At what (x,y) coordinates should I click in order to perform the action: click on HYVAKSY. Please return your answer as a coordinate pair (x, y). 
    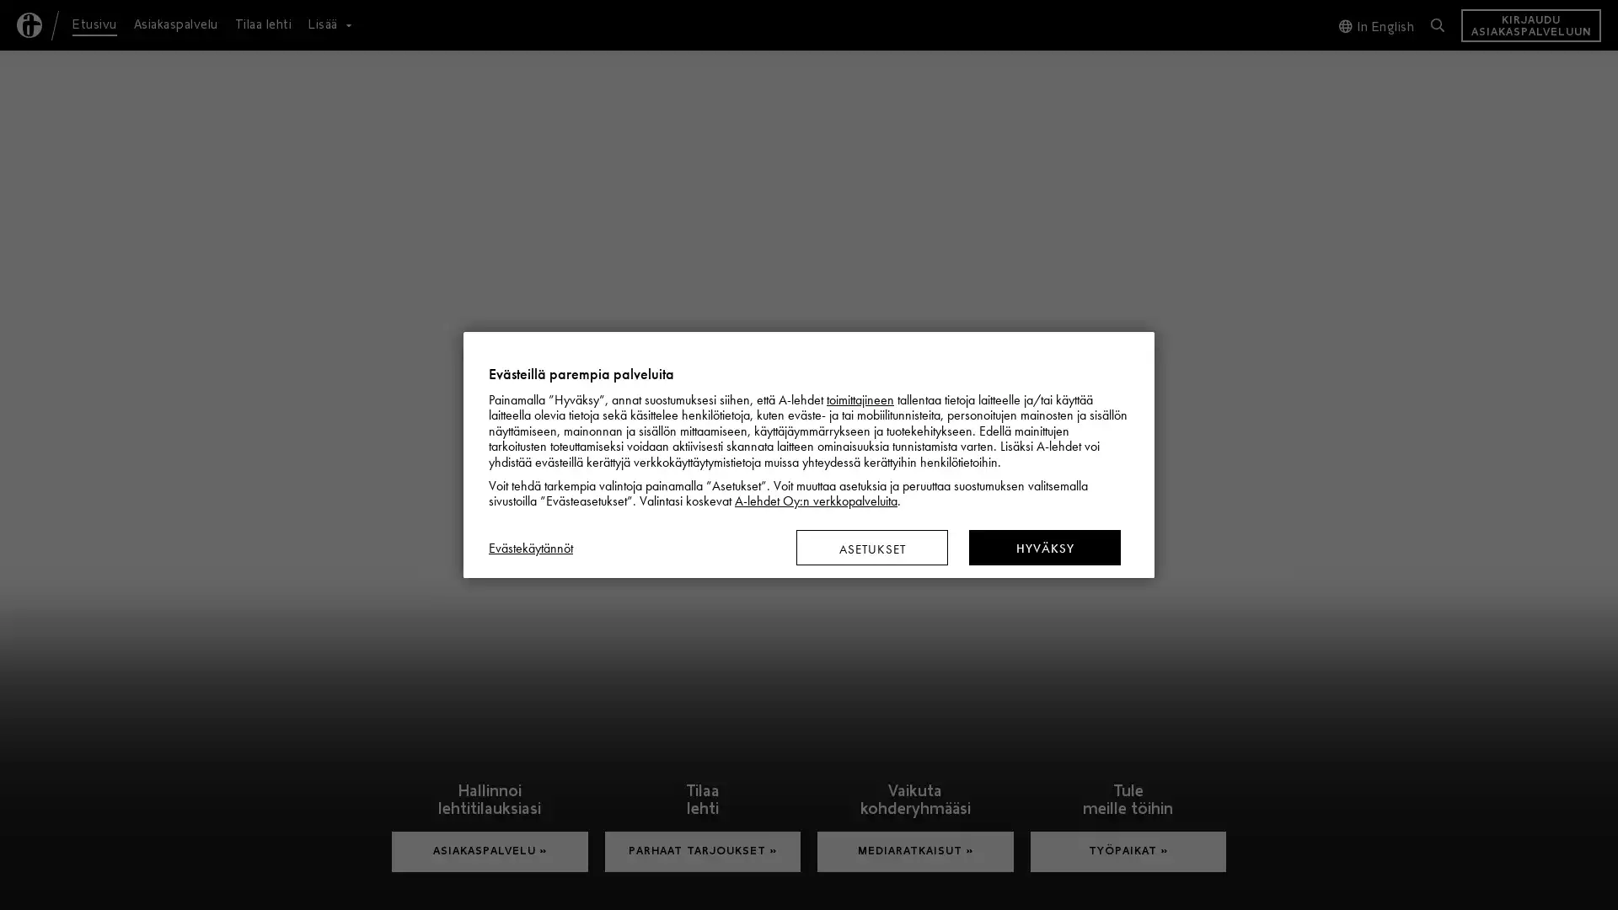
    Looking at the image, I should click on (1043, 546).